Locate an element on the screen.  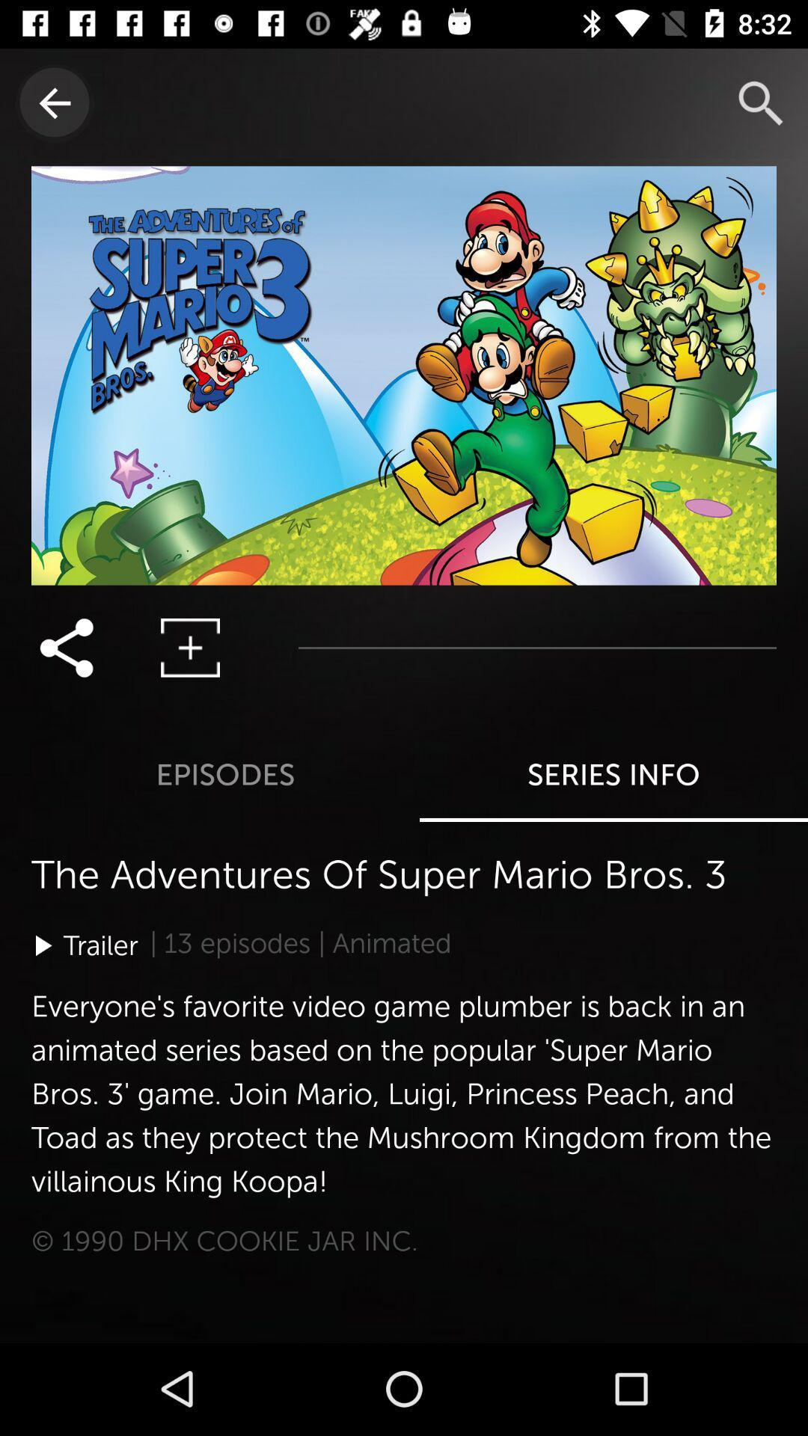
search button in top is located at coordinates (761, 102).